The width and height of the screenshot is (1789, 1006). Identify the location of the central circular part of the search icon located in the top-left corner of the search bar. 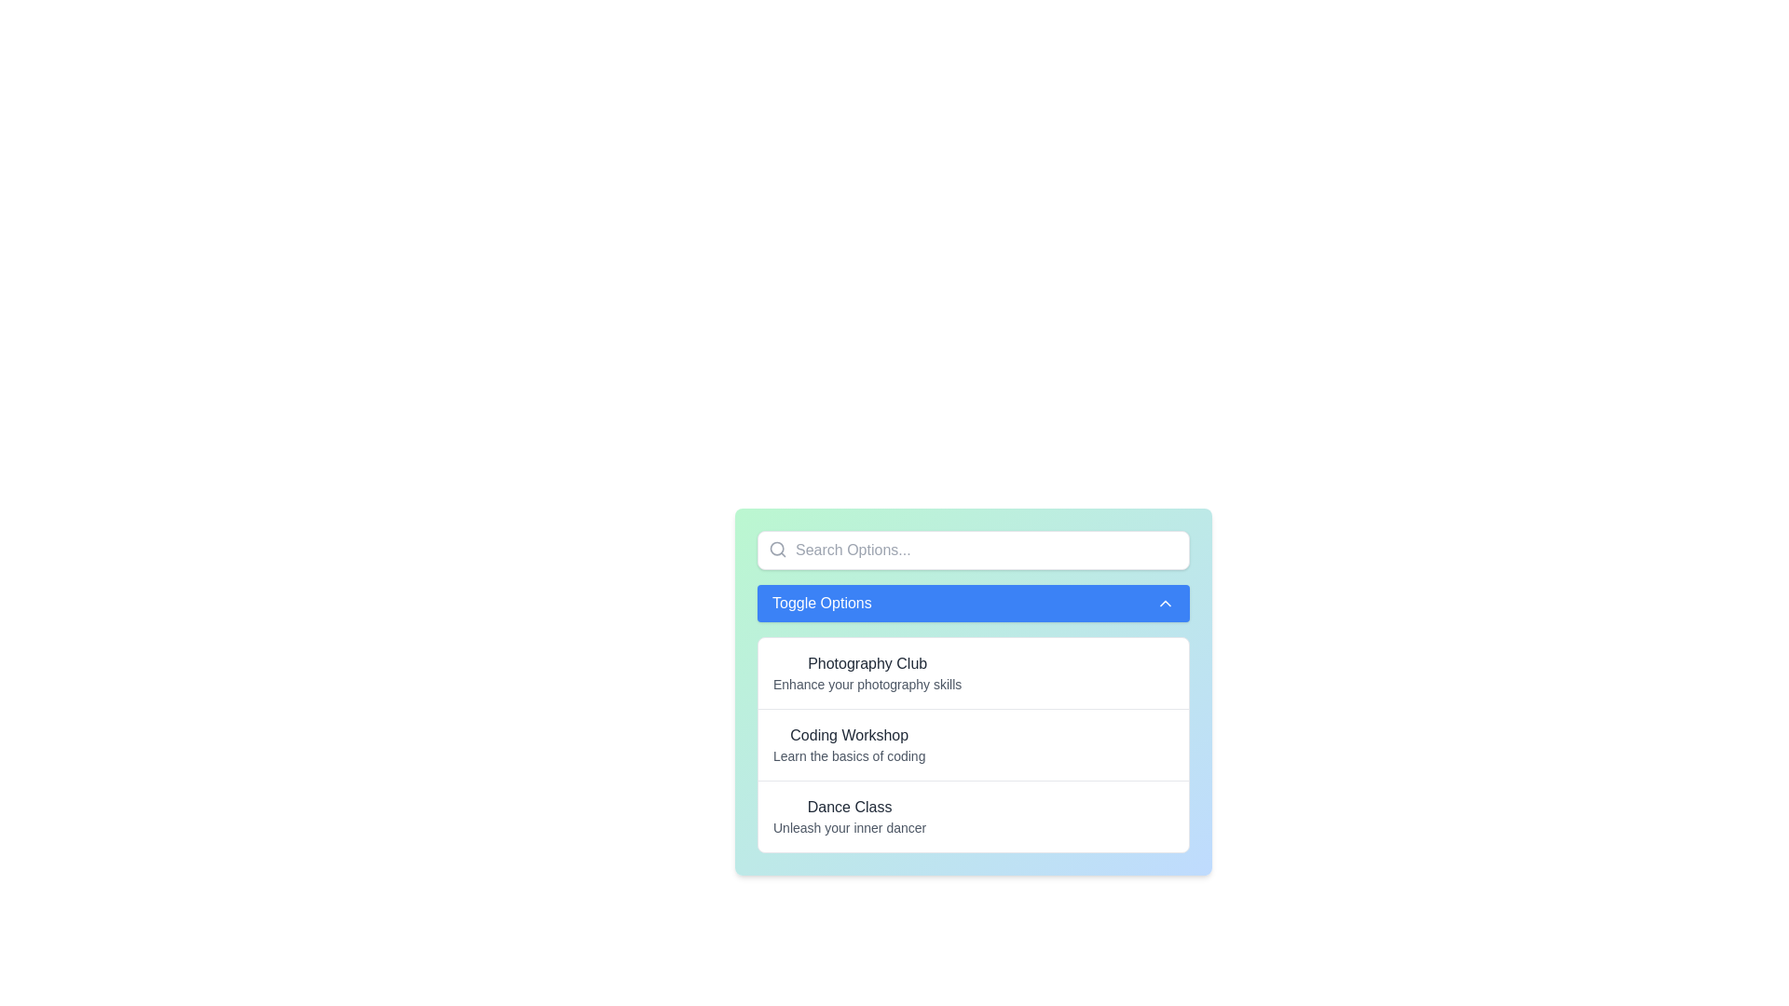
(777, 548).